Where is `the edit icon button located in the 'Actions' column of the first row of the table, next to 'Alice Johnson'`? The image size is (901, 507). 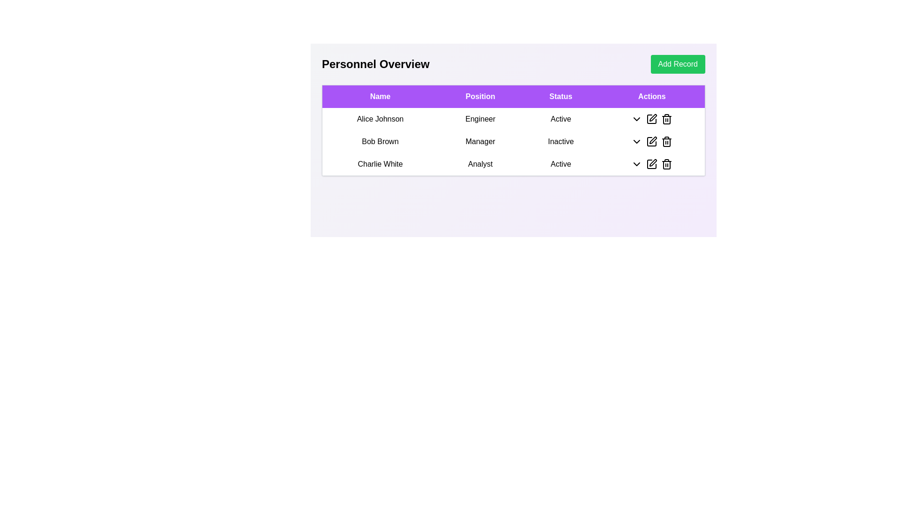
the edit icon button located in the 'Actions' column of the first row of the table, next to 'Alice Johnson' is located at coordinates (653, 117).